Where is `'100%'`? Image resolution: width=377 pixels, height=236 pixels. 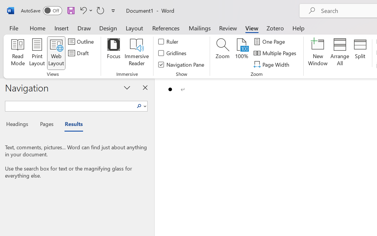 '100%' is located at coordinates (242, 53).